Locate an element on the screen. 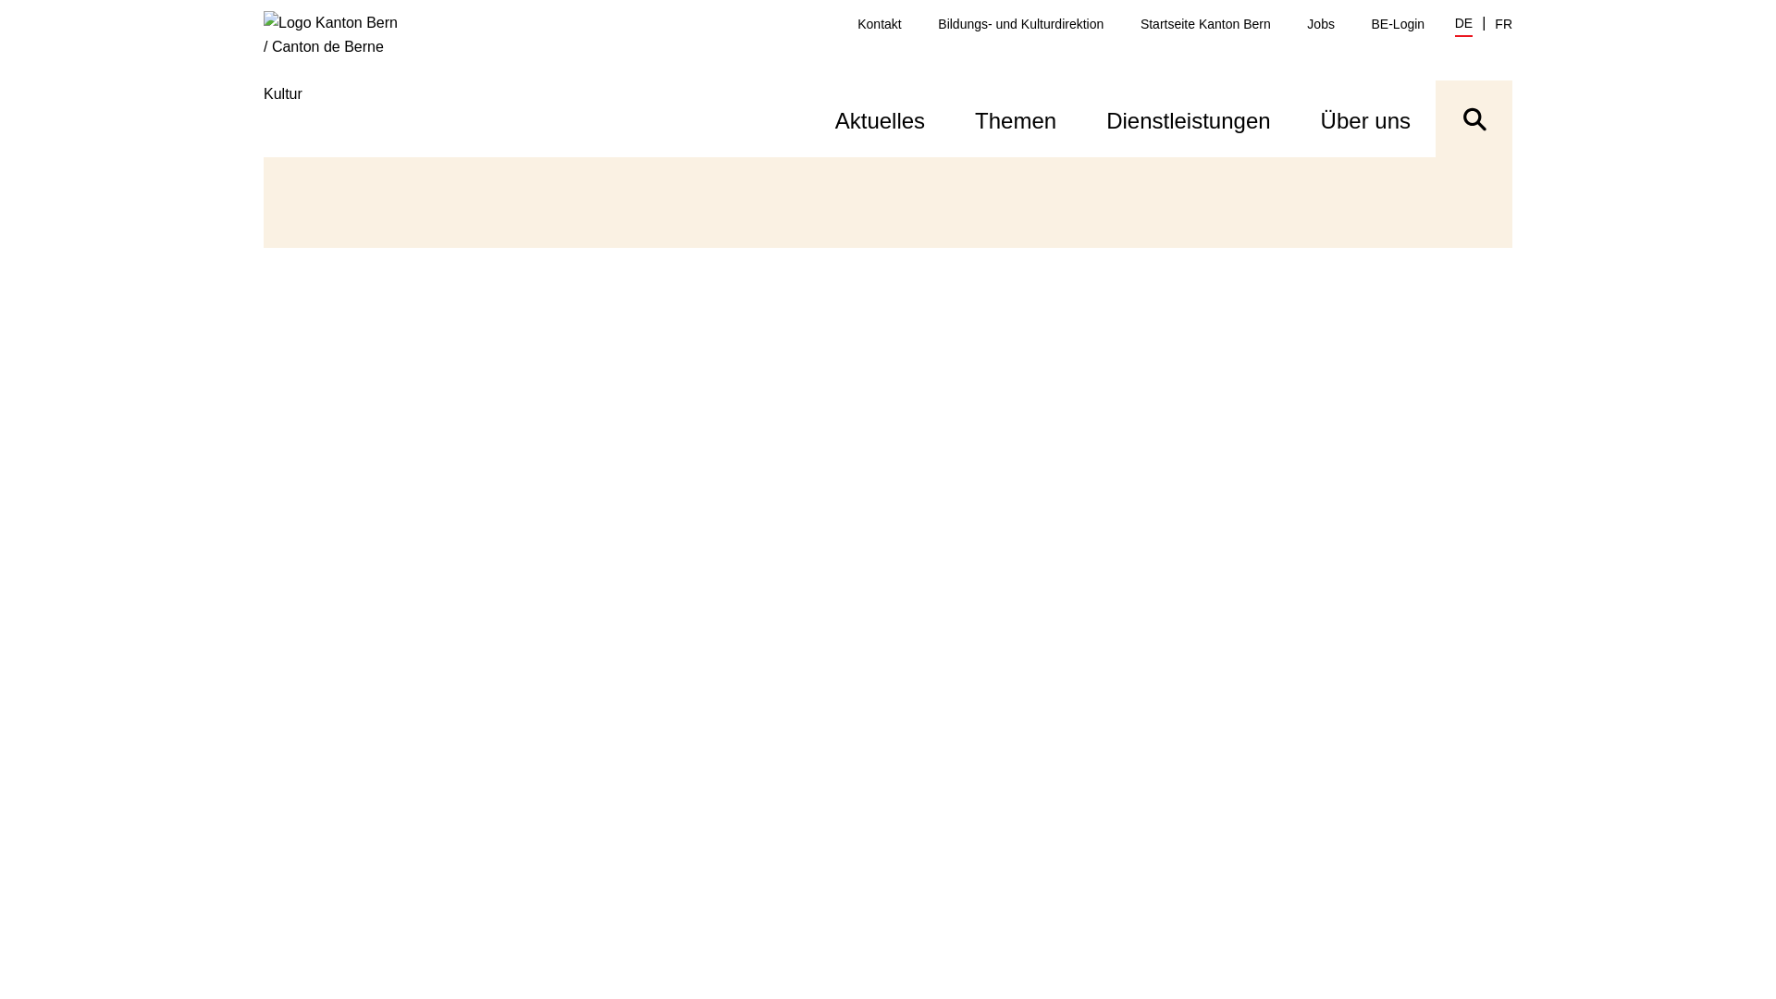 This screenshot has width=1776, height=999. 'Kultur' is located at coordinates (342, 81).